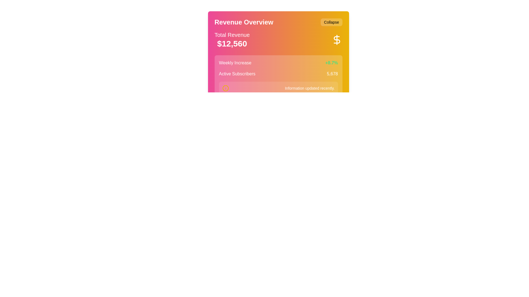 This screenshot has height=297, width=529. What do you see at coordinates (237, 74) in the screenshot?
I see `text content of the Text Label that indicates the subscriber count, located within the 'Revenue Overview' card, positioned above the numerical value '5,678'` at bounding box center [237, 74].